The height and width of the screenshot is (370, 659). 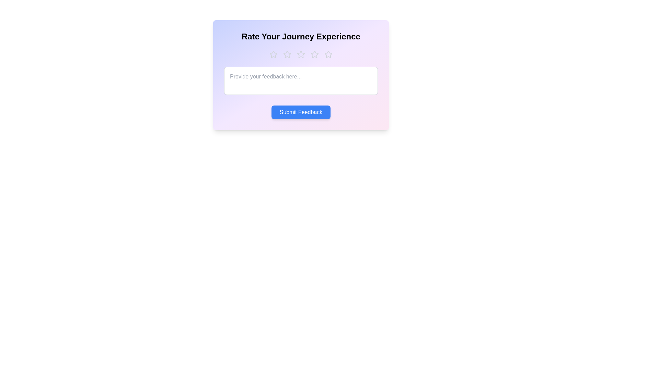 What do you see at coordinates (314, 54) in the screenshot?
I see `the star corresponding to the desired rating 4 to set the rating` at bounding box center [314, 54].